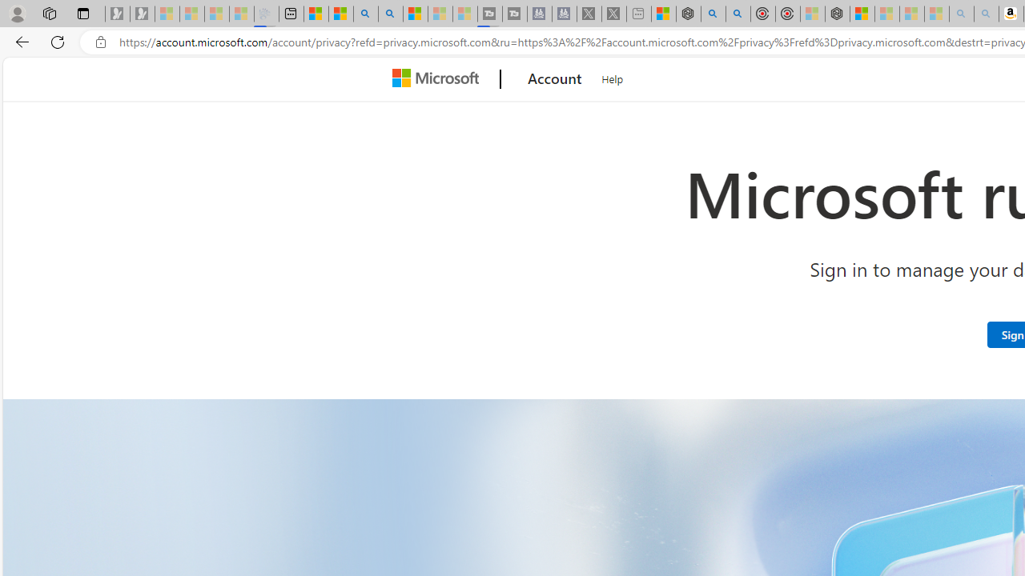  Describe the element at coordinates (439, 79) in the screenshot. I see `'Microsoft'` at that location.